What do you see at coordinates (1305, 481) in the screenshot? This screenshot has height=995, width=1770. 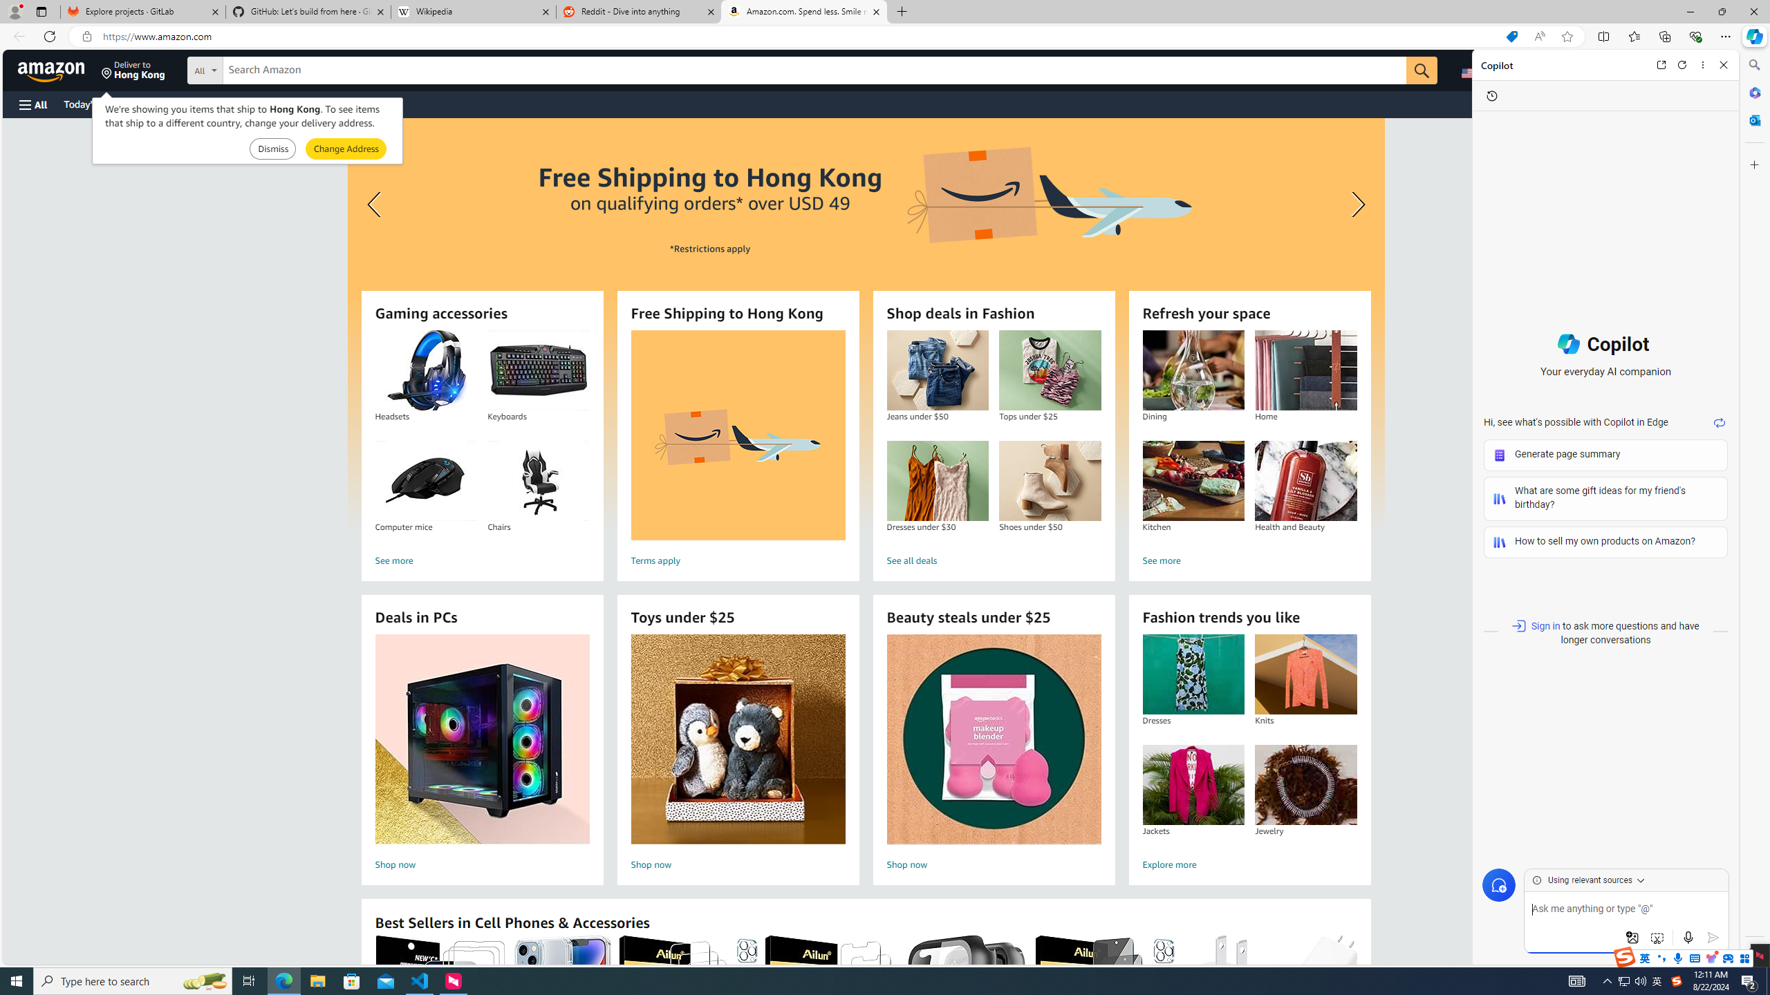 I see `'Health and Beauty'` at bounding box center [1305, 481].